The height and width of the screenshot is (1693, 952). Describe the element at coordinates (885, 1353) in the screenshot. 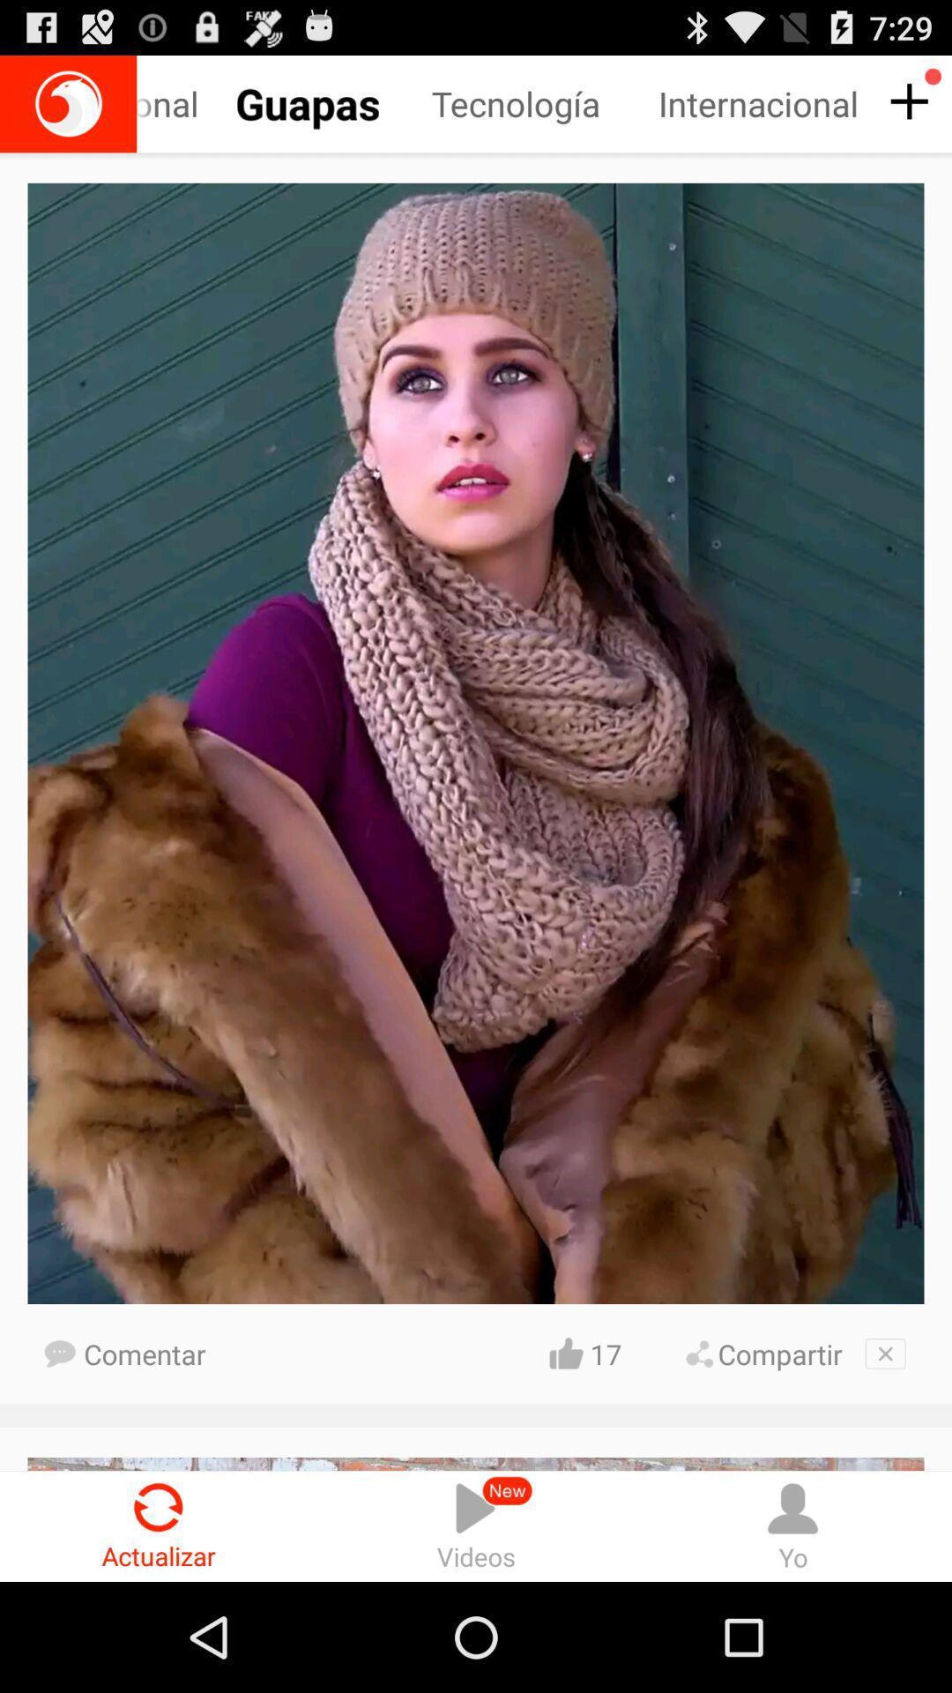

I see `the button is used to close the page` at that location.